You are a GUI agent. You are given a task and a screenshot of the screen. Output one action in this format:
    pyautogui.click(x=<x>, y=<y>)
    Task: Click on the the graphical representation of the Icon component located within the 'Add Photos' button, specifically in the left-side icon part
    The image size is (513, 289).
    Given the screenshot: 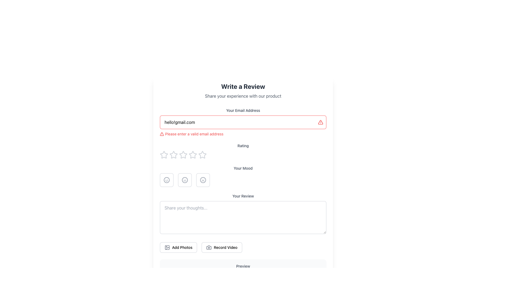 What is the action you would take?
    pyautogui.click(x=167, y=248)
    